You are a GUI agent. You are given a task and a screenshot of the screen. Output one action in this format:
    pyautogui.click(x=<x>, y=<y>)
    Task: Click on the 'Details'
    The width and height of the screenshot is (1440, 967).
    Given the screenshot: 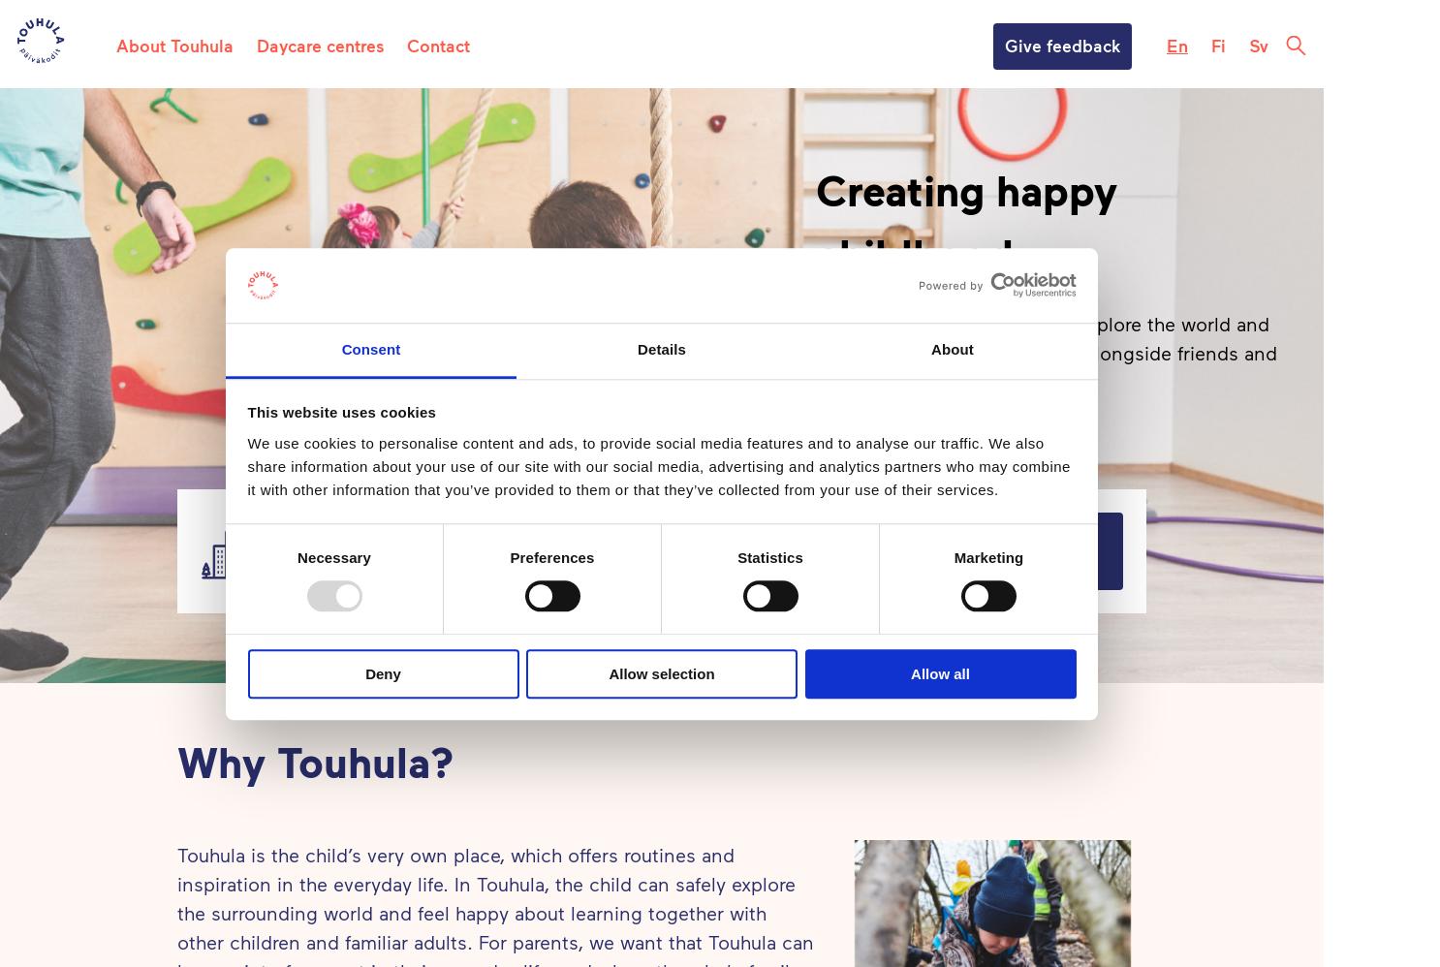 What is the action you would take?
    pyautogui.click(x=661, y=348)
    